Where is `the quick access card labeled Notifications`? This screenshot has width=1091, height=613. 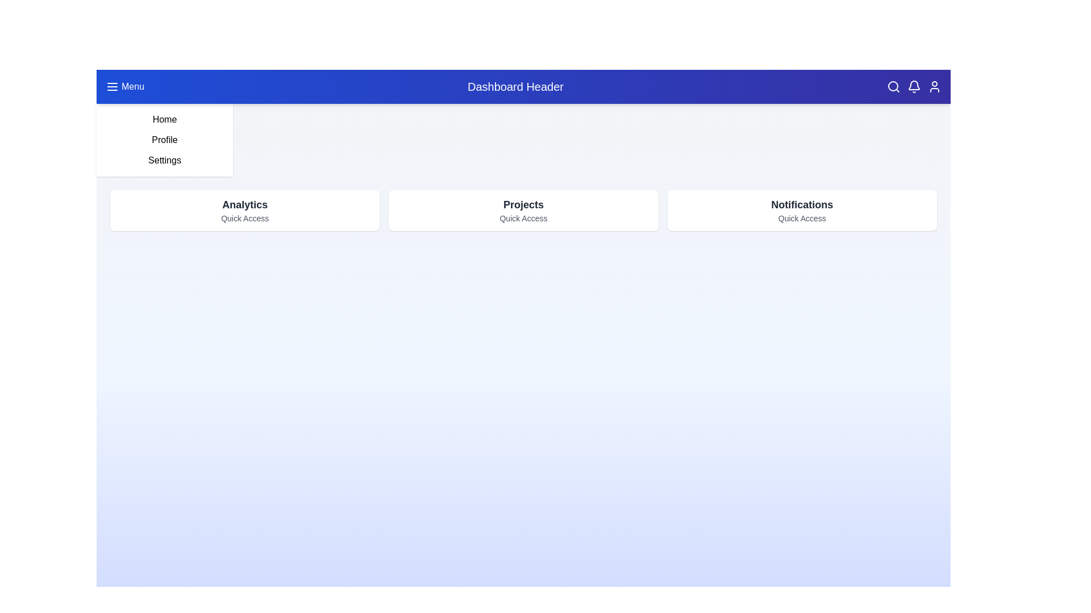
the quick access card labeled Notifications is located at coordinates (801, 210).